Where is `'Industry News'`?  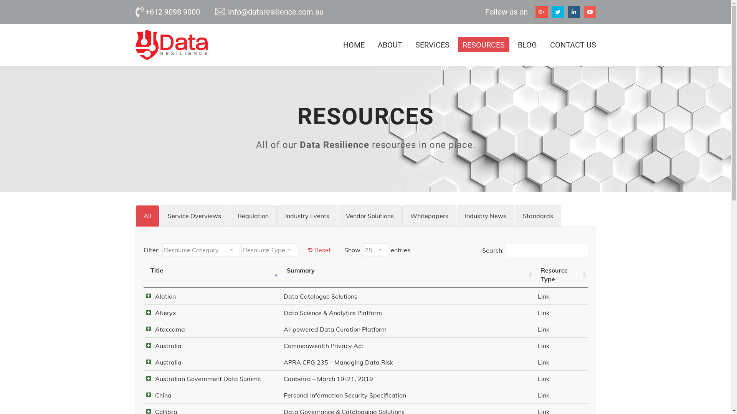
'Industry News' is located at coordinates (485, 216).